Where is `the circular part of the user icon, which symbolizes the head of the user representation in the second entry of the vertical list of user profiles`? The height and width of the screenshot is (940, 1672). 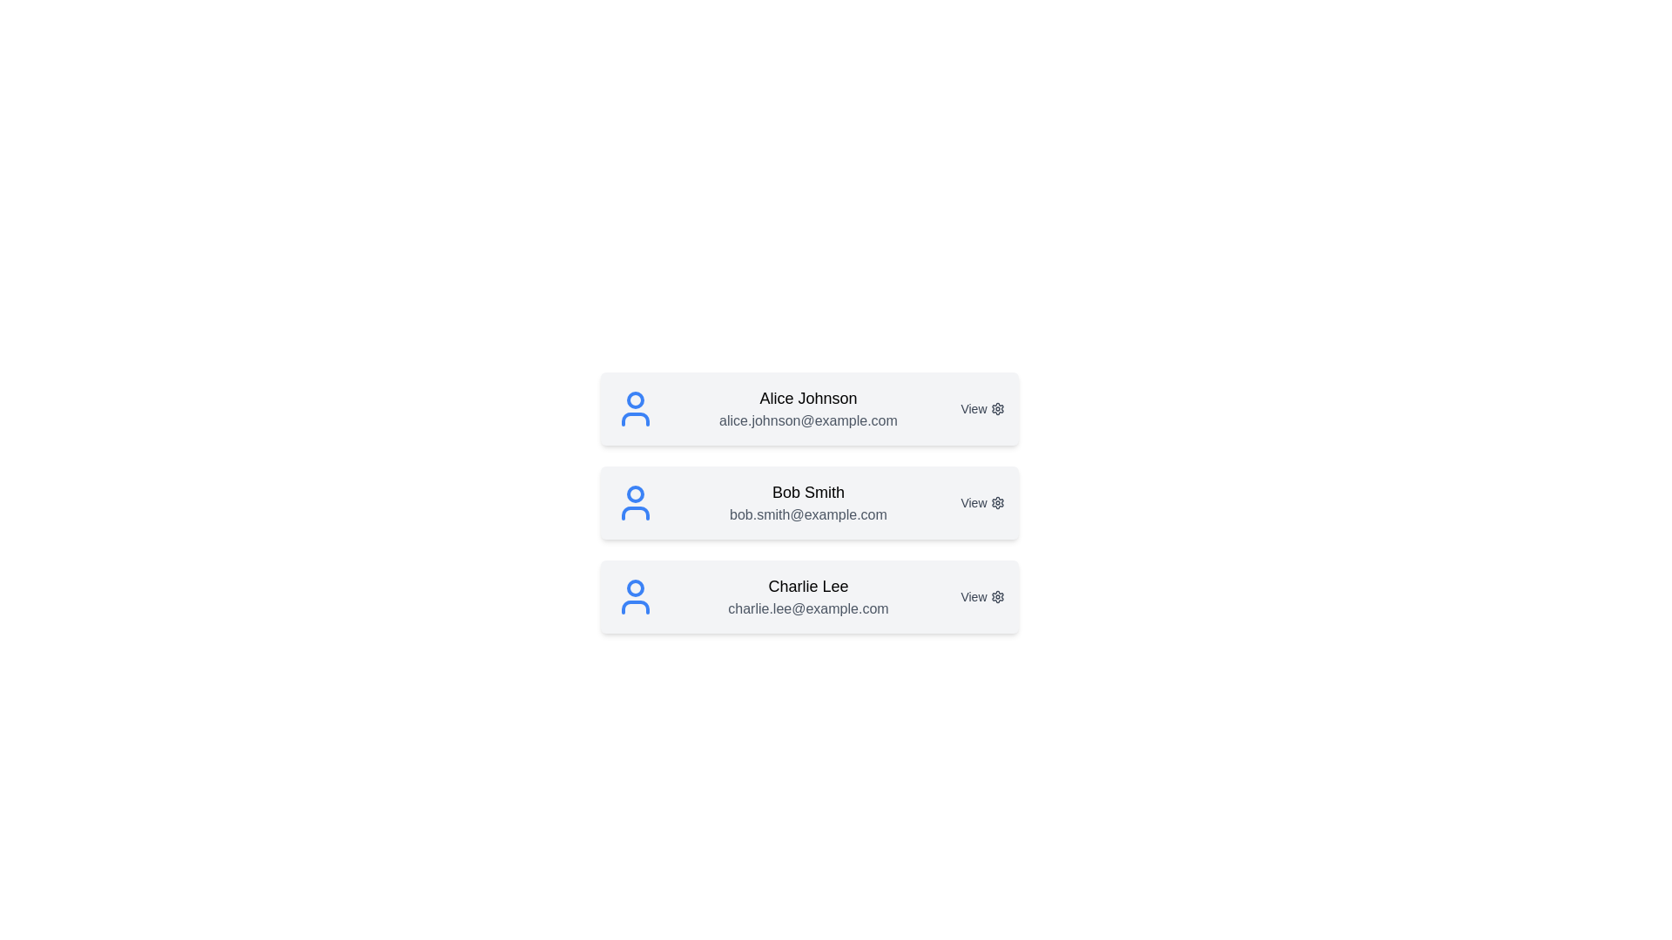
the circular part of the user icon, which symbolizes the head of the user representation in the second entry of the vertical list of user profiles is located at coordinates (634, 493).